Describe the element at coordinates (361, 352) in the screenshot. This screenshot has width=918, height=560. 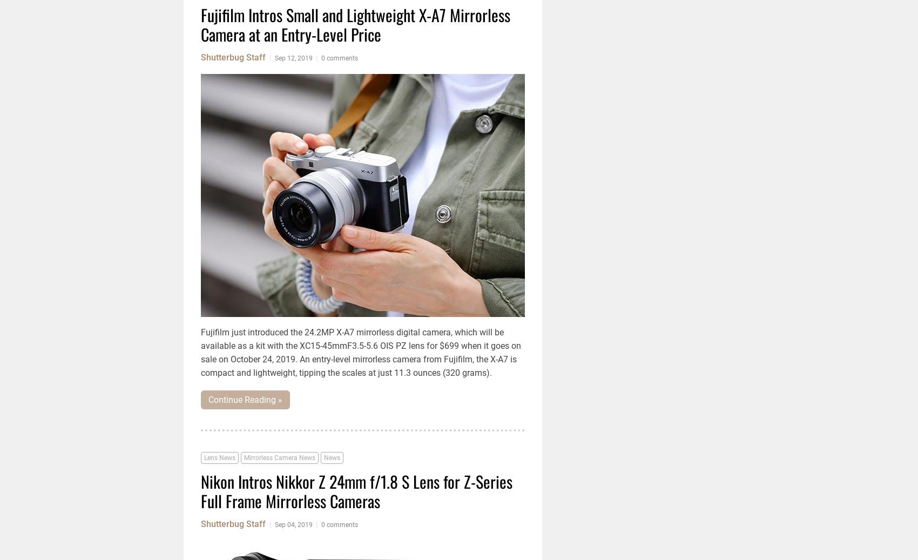
I see `'Fujifilm just introduced the 24.2MP X-A7 mirrorless digital camera, which will be available as a kit with the XC15-45mmF3.5-5.6 OIS PZ lens for $699 when it goes on sale on October 24, 2019. An entry-level mirrorless camera from Fujifilm, the X-A7 is compact and lightweight, tipping the scales at just 11.3 ounces (320 grams).'` at that location.